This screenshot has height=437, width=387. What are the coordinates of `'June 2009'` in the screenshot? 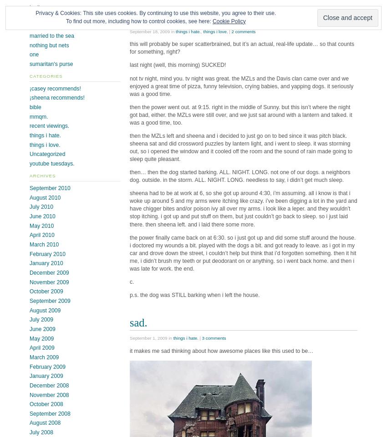 It's located at (41, 328).